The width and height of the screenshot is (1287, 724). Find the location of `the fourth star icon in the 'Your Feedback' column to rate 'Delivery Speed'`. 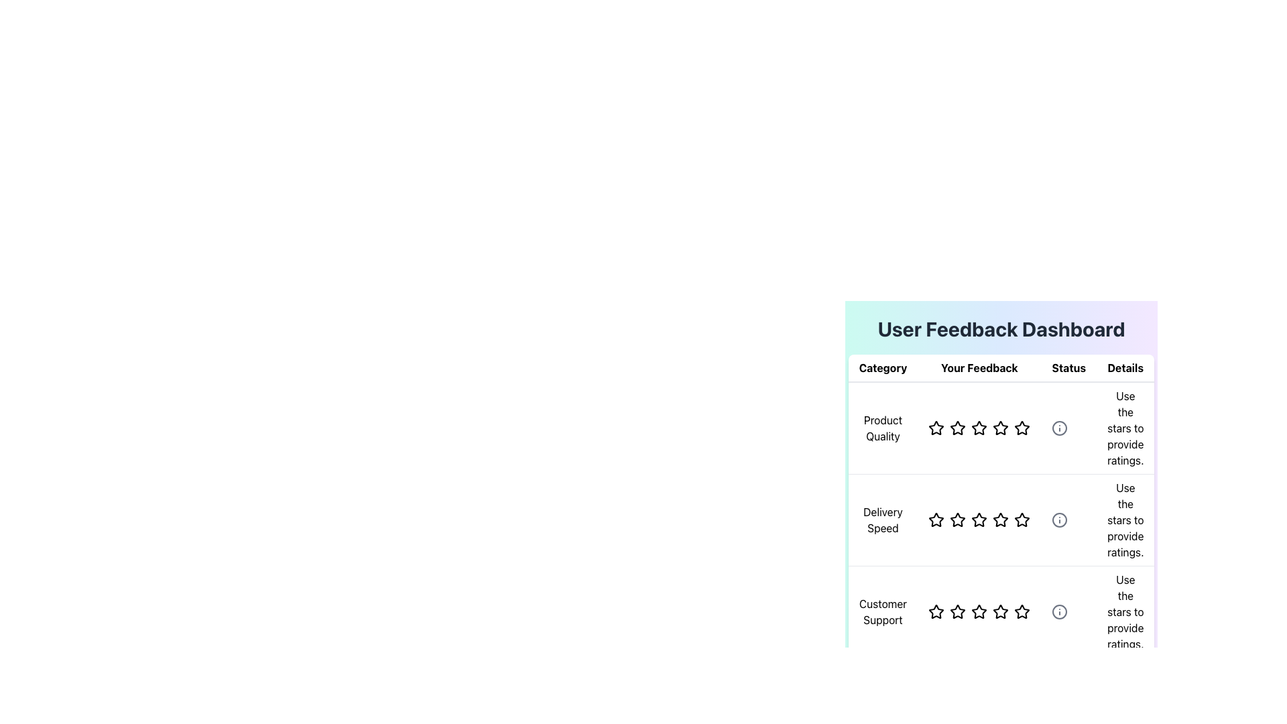

the fourth star icon in the 'Your Feedback' column to rate 'Delivery Speed' is located at coordinates (1001, 519).